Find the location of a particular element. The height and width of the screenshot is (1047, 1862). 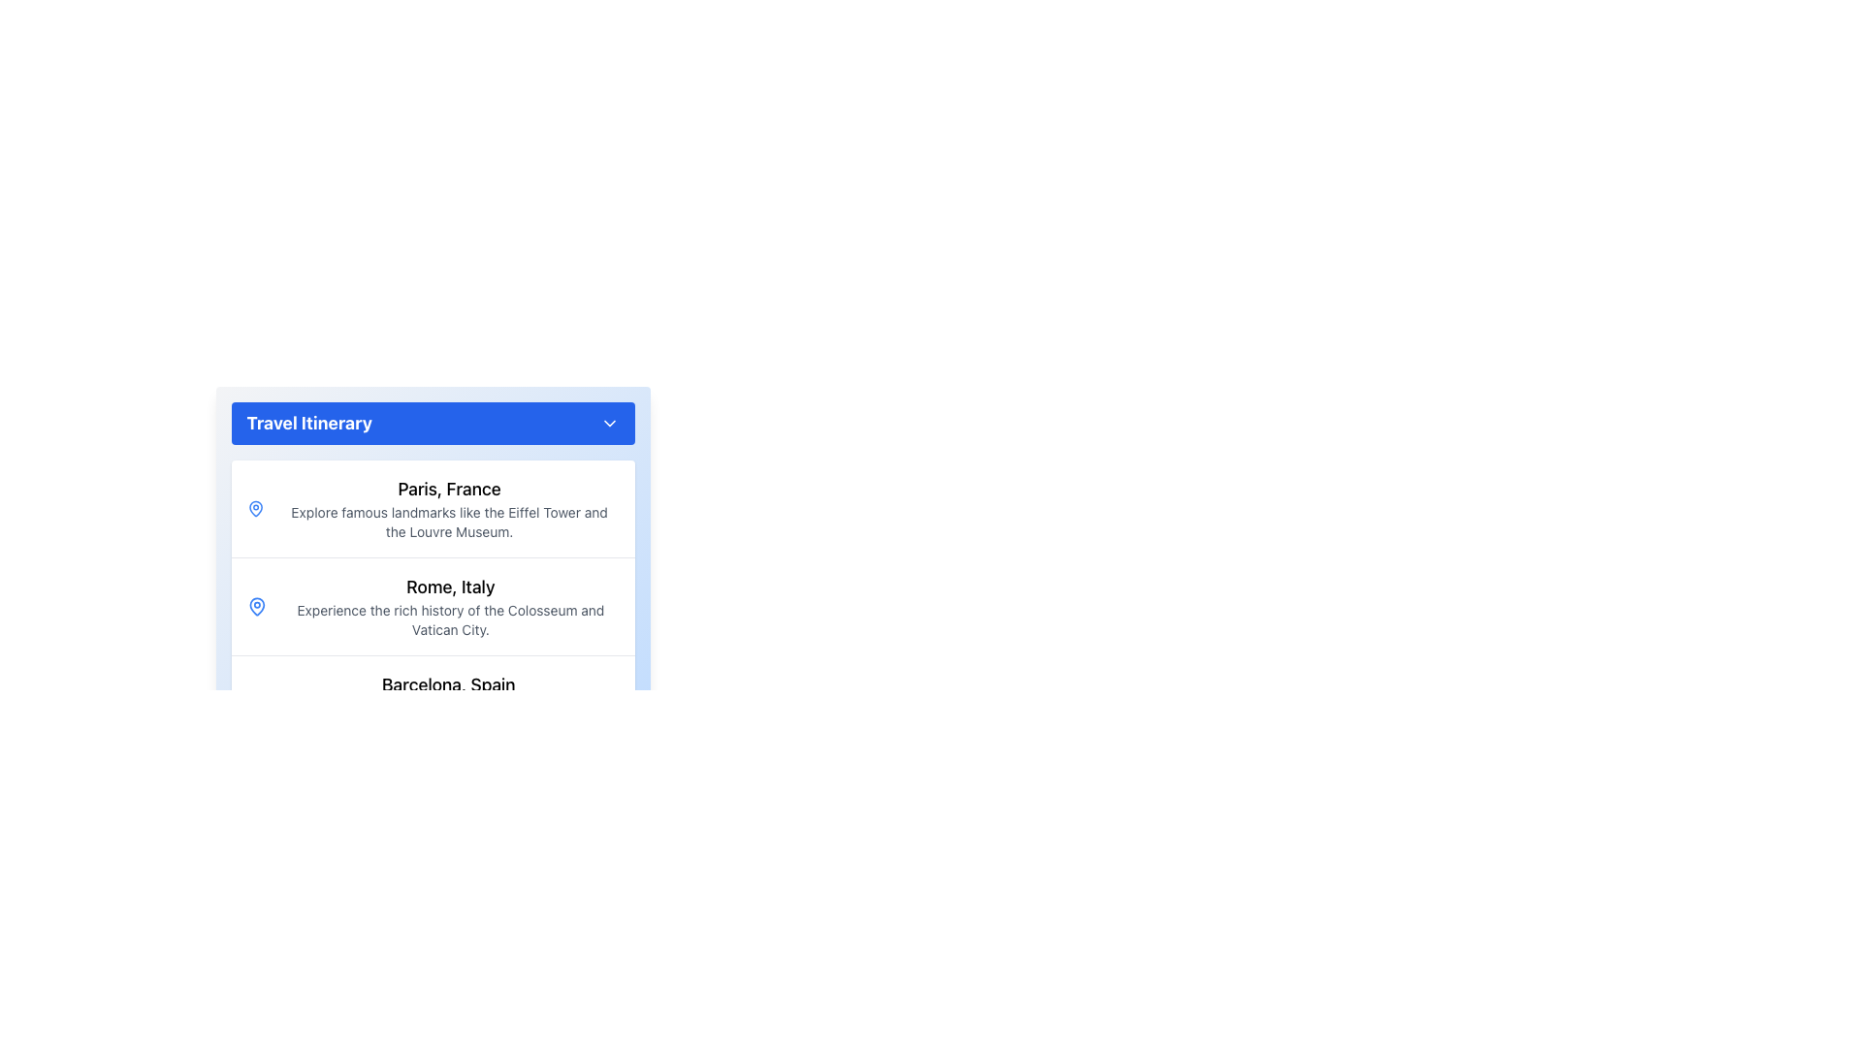

the first Information Card in the Travel Itinerary section, which provides details about a destination and is located above the Rome and Barcelona blocks is located at coordinates (432, 507).